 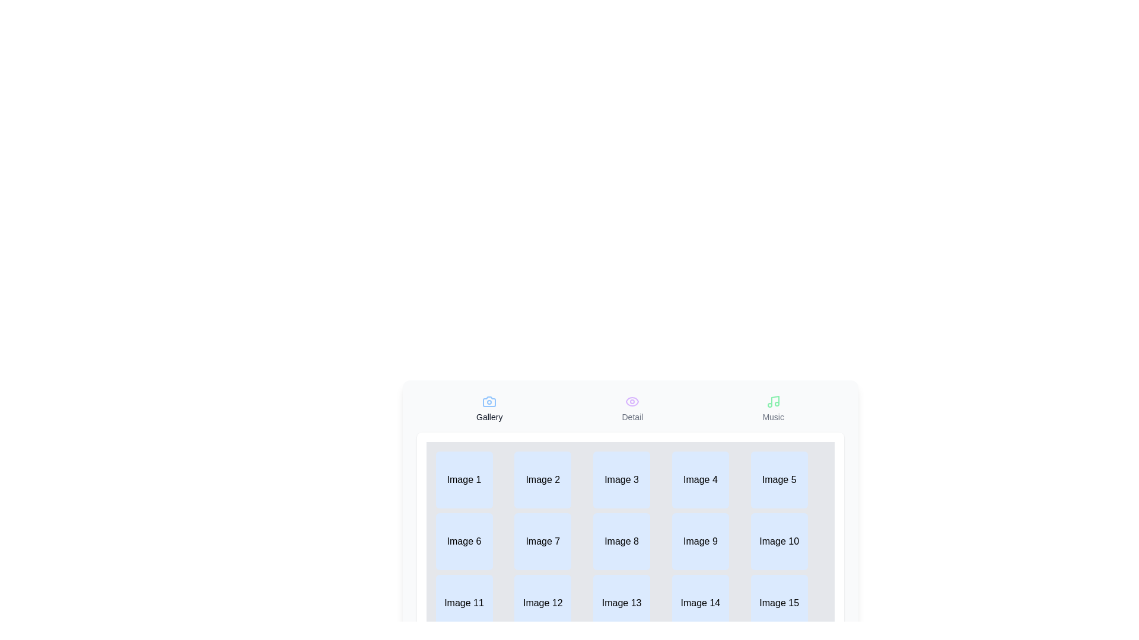 I want to click on the 'Detail' tab to display its content, so click(x=631, y=408).